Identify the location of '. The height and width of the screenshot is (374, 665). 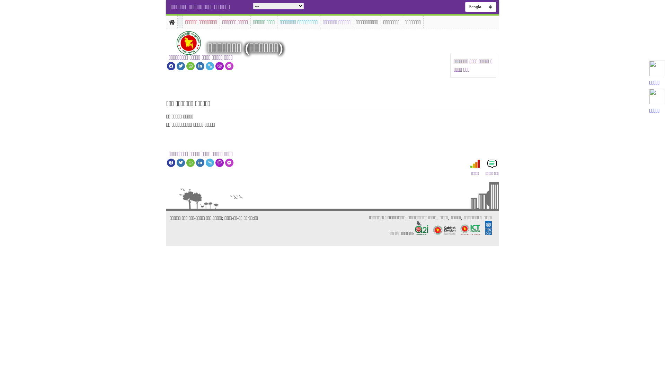
(194, 43).